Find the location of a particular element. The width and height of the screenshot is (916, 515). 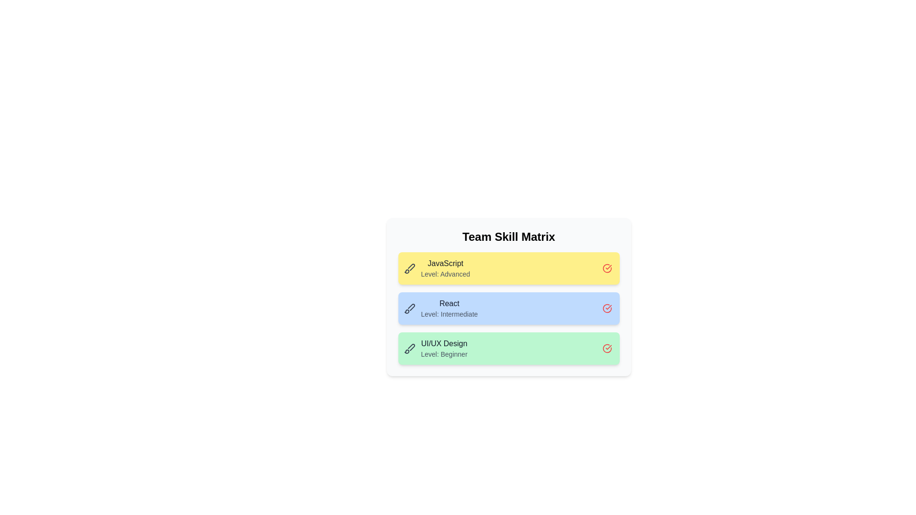

the skill React from the list is located at coordinates (606, 309).